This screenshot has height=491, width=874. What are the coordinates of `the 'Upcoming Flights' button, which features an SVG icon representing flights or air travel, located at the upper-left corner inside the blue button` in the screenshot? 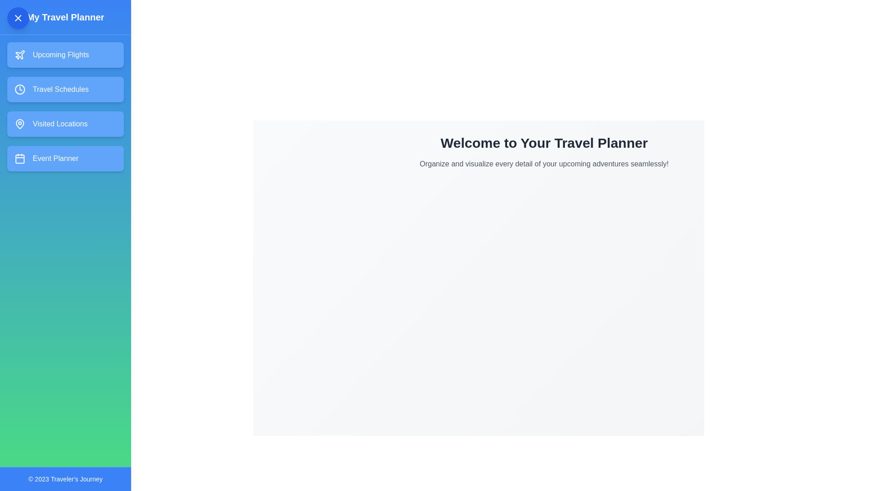 It's located at (20, 55).